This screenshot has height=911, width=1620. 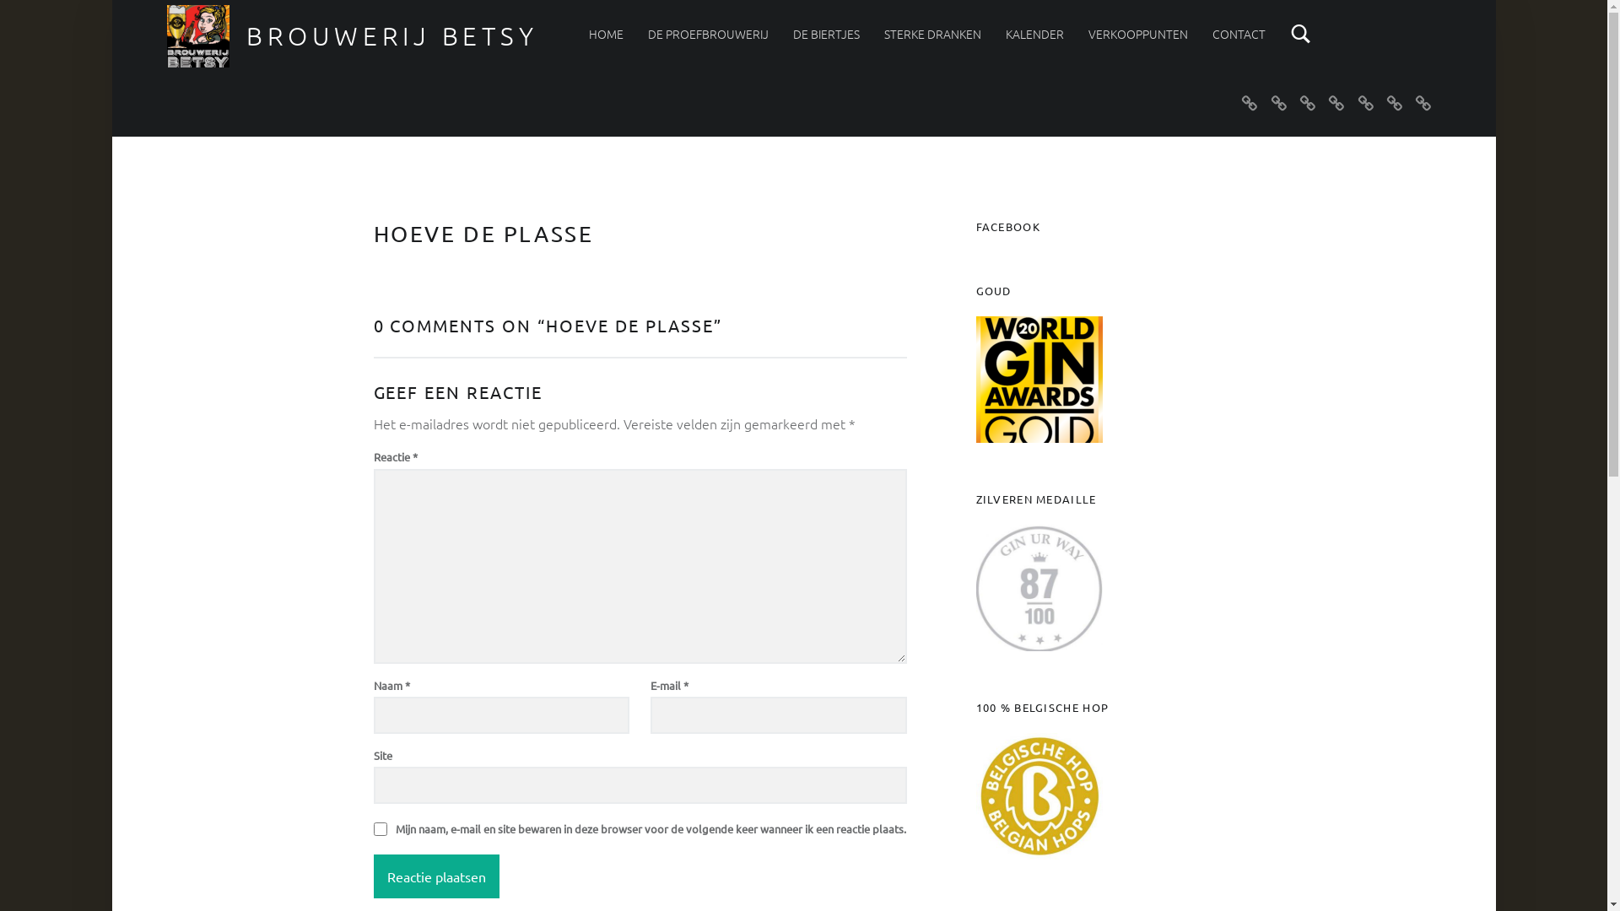 What do you see at coordinates (931, 33) in the screenshot?
I see `'STERKE DRANKEN'` at bounding box center [931, 33].